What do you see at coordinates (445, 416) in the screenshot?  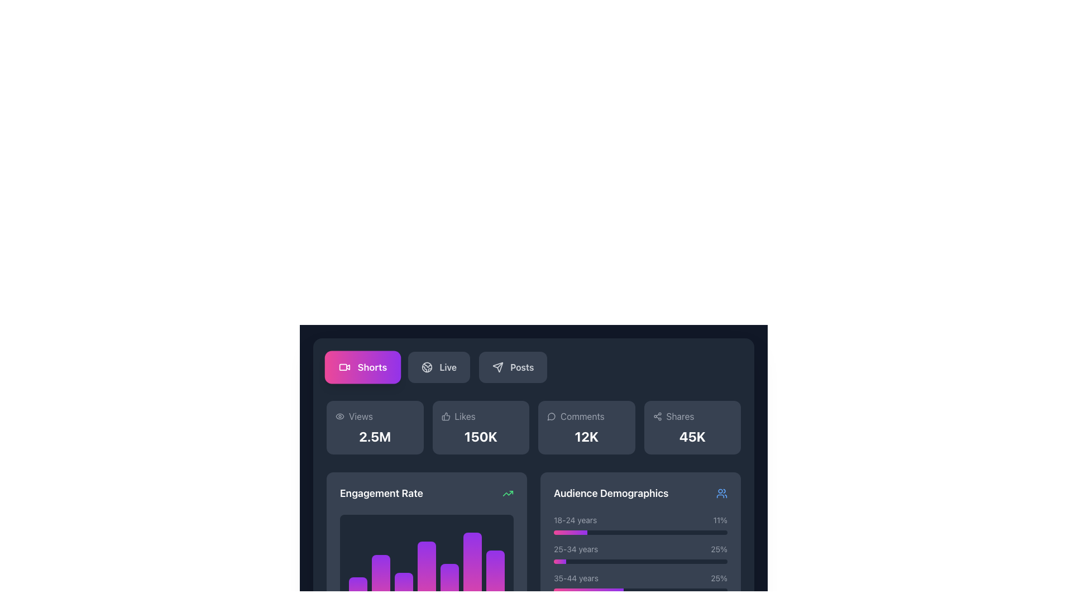 I see `the thumbs-up icon located within the 'Likes' section, positioned to the left of the '150K' indicator` at bounding box center [445, 416].